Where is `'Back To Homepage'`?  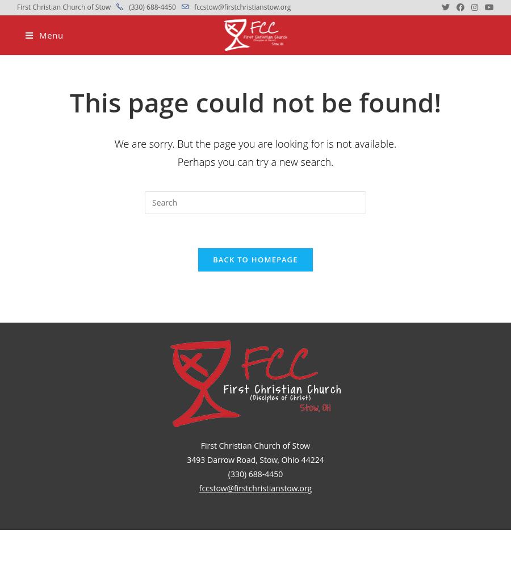 'Back To Homepage' is located at coordinates (213, 258).